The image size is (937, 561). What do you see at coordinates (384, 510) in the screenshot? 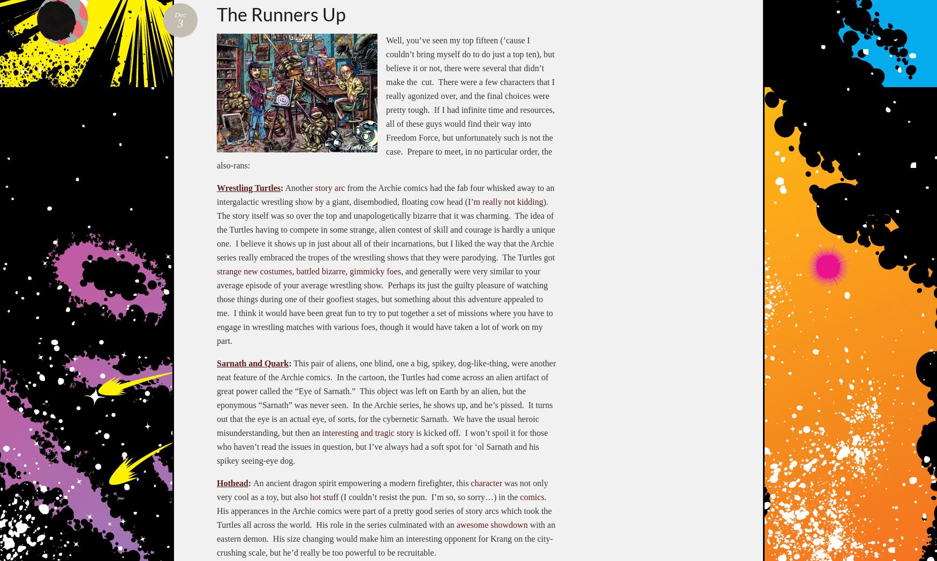
I see `'.  His apperances in the Archie comics were part of a pretty good series of story arcs which took the Turtles all across the world.  His role in the series culminated with an'` at bounding box center [384, 510].